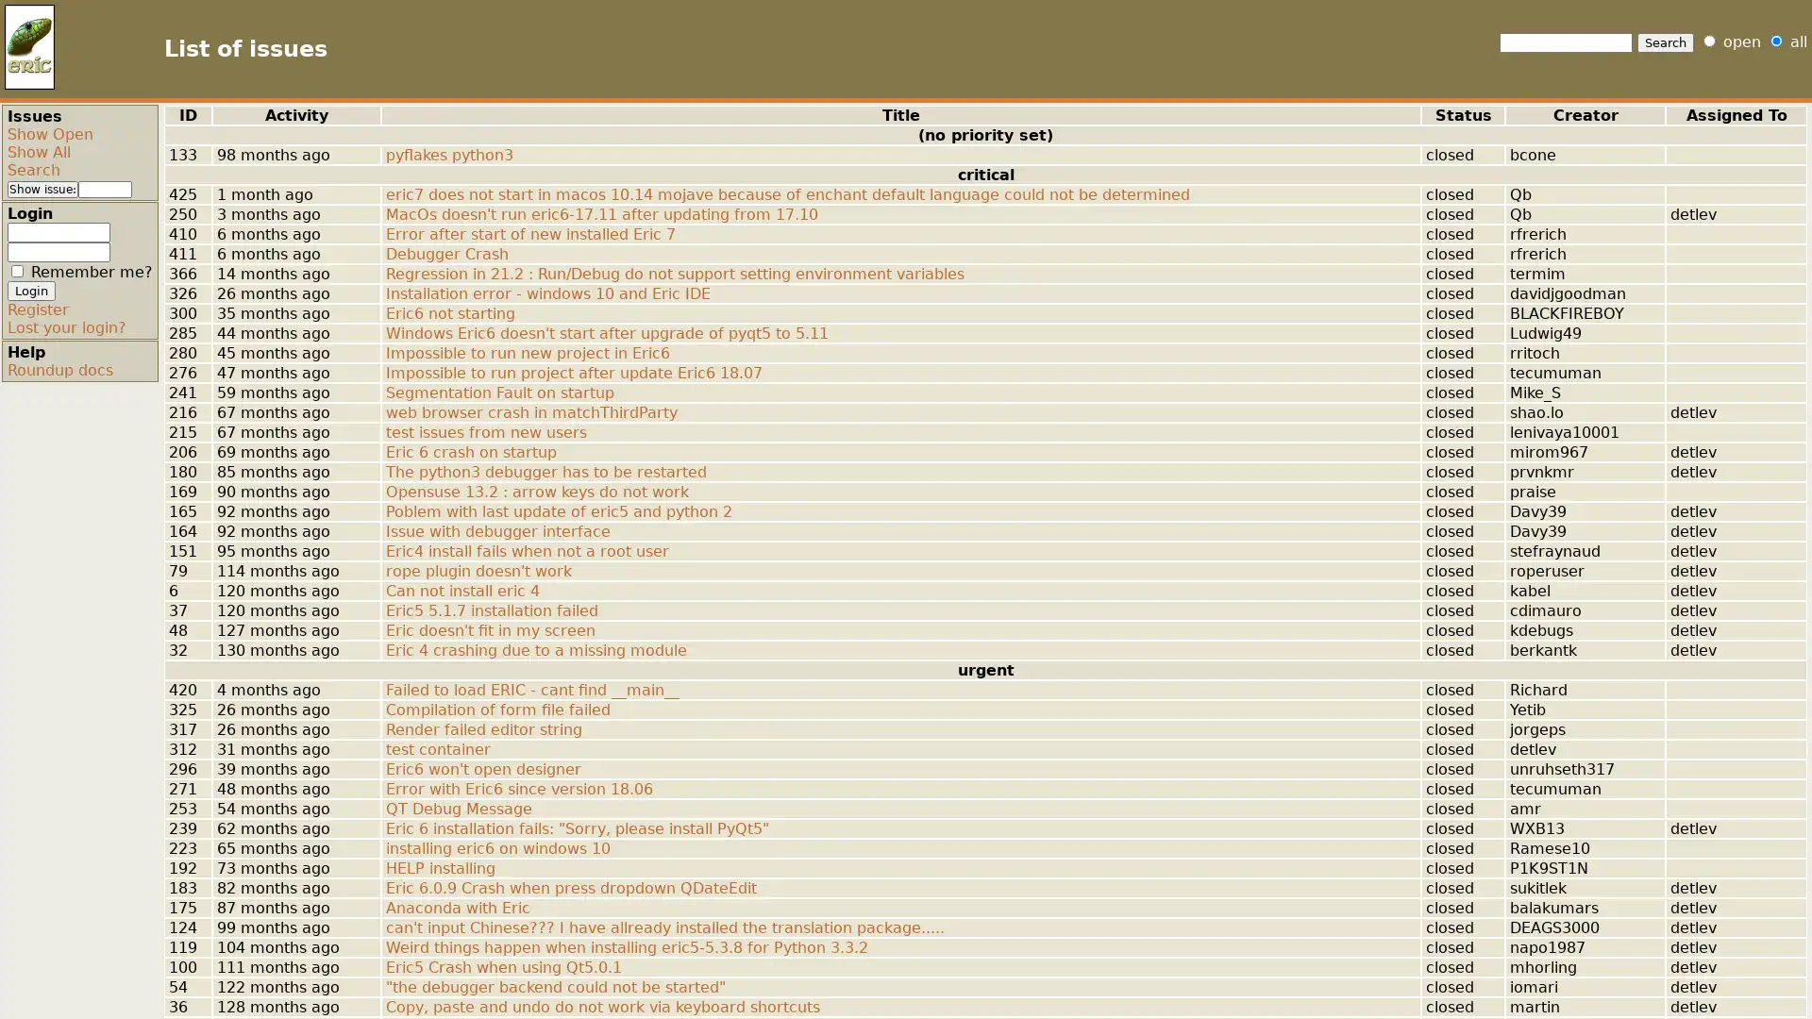 The image size is (1812, 1019). I want to click on Login, so click(31, 291).